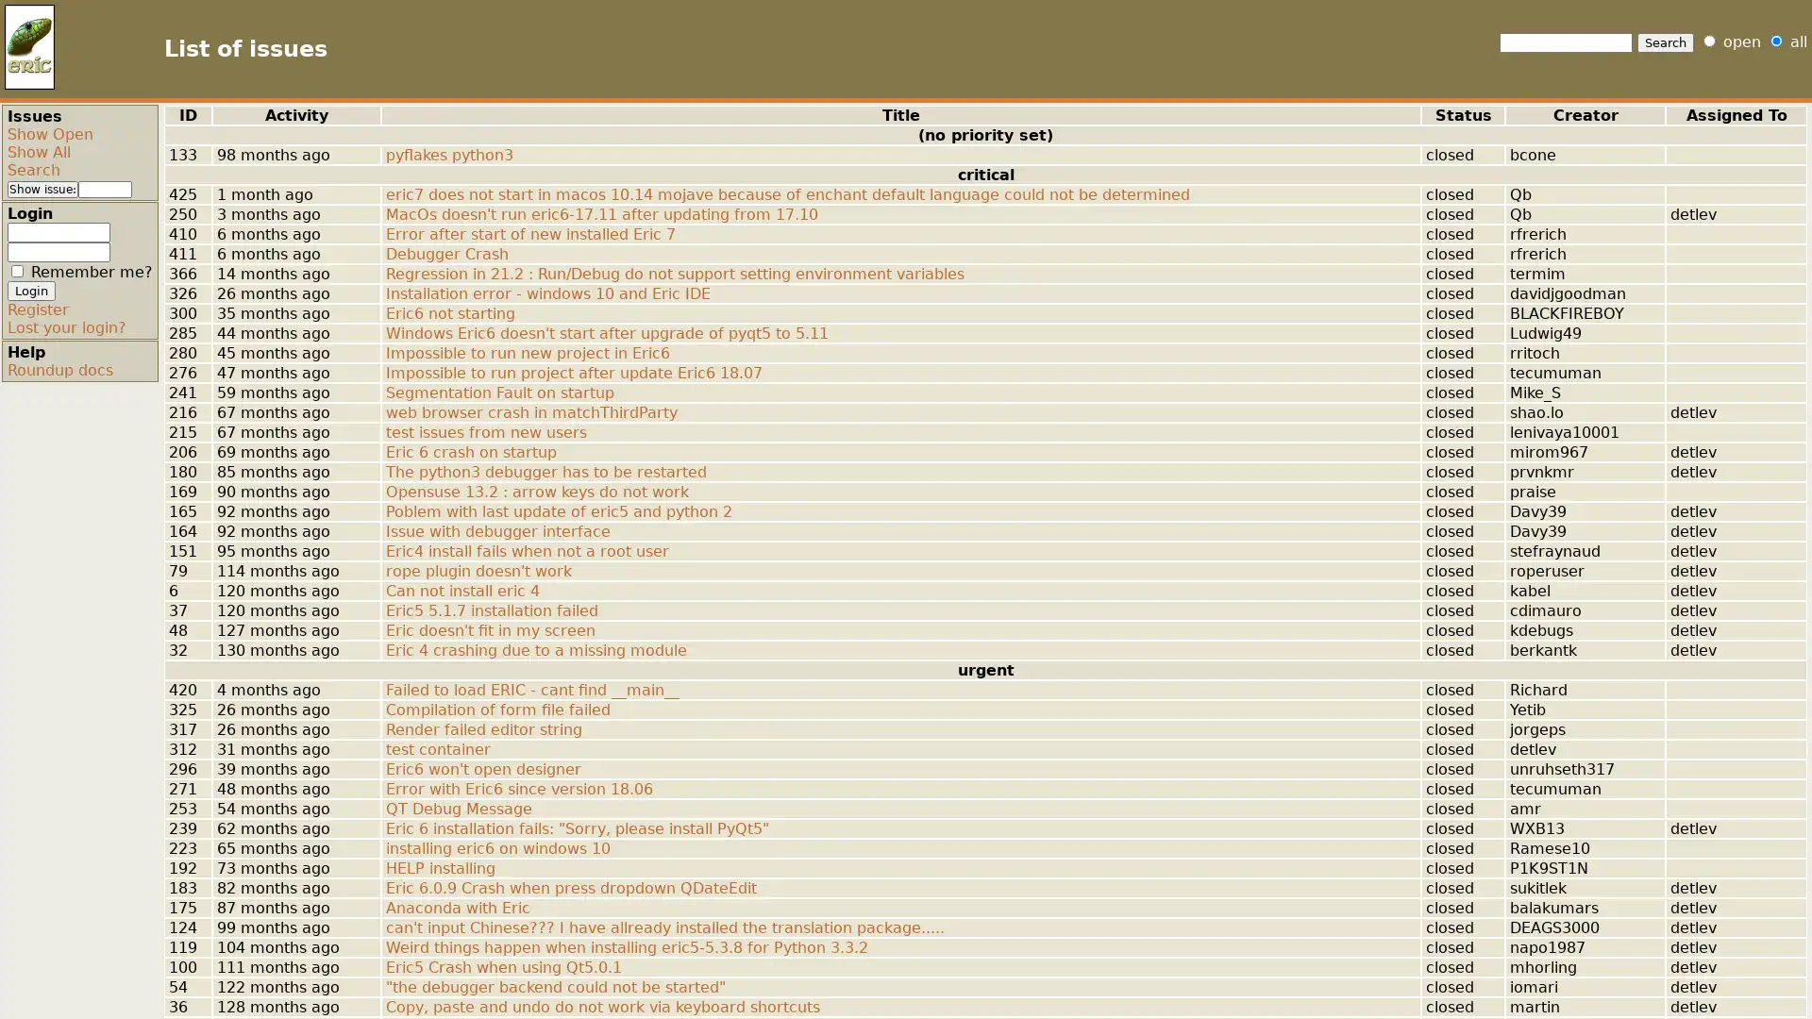 The image size is (1812, 1019). I want to click on Login, so click(31, 291).